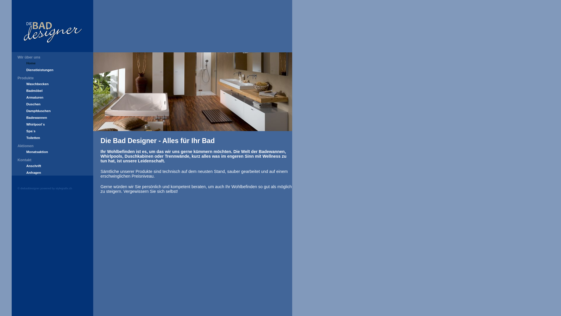 This screenshot has height=316, width=561. I want to click on 'Toiletten', so click(26, 138).